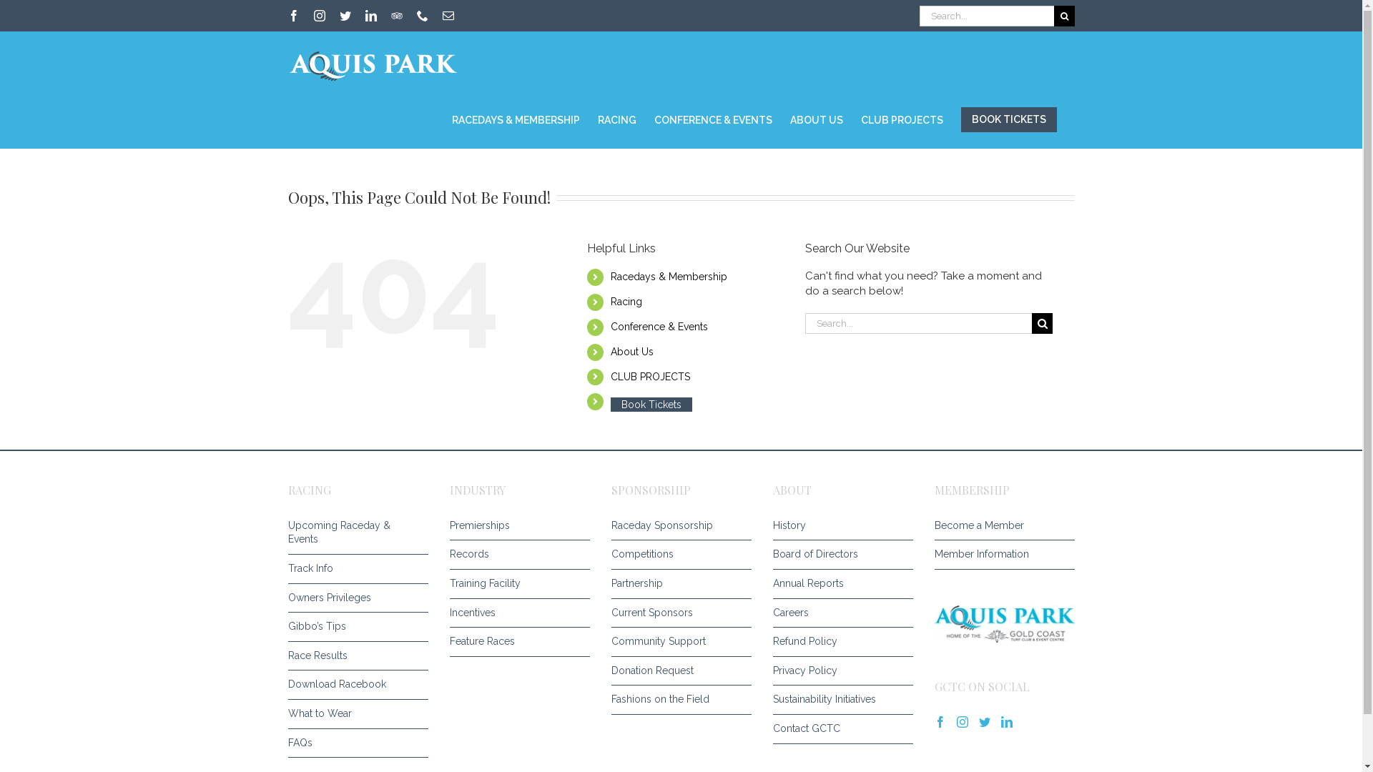 The height and width of the screenshot is (772, 1373). Describe the element at coordinates (772, 612) in the screenshot. I see `'Careers'` at that location.